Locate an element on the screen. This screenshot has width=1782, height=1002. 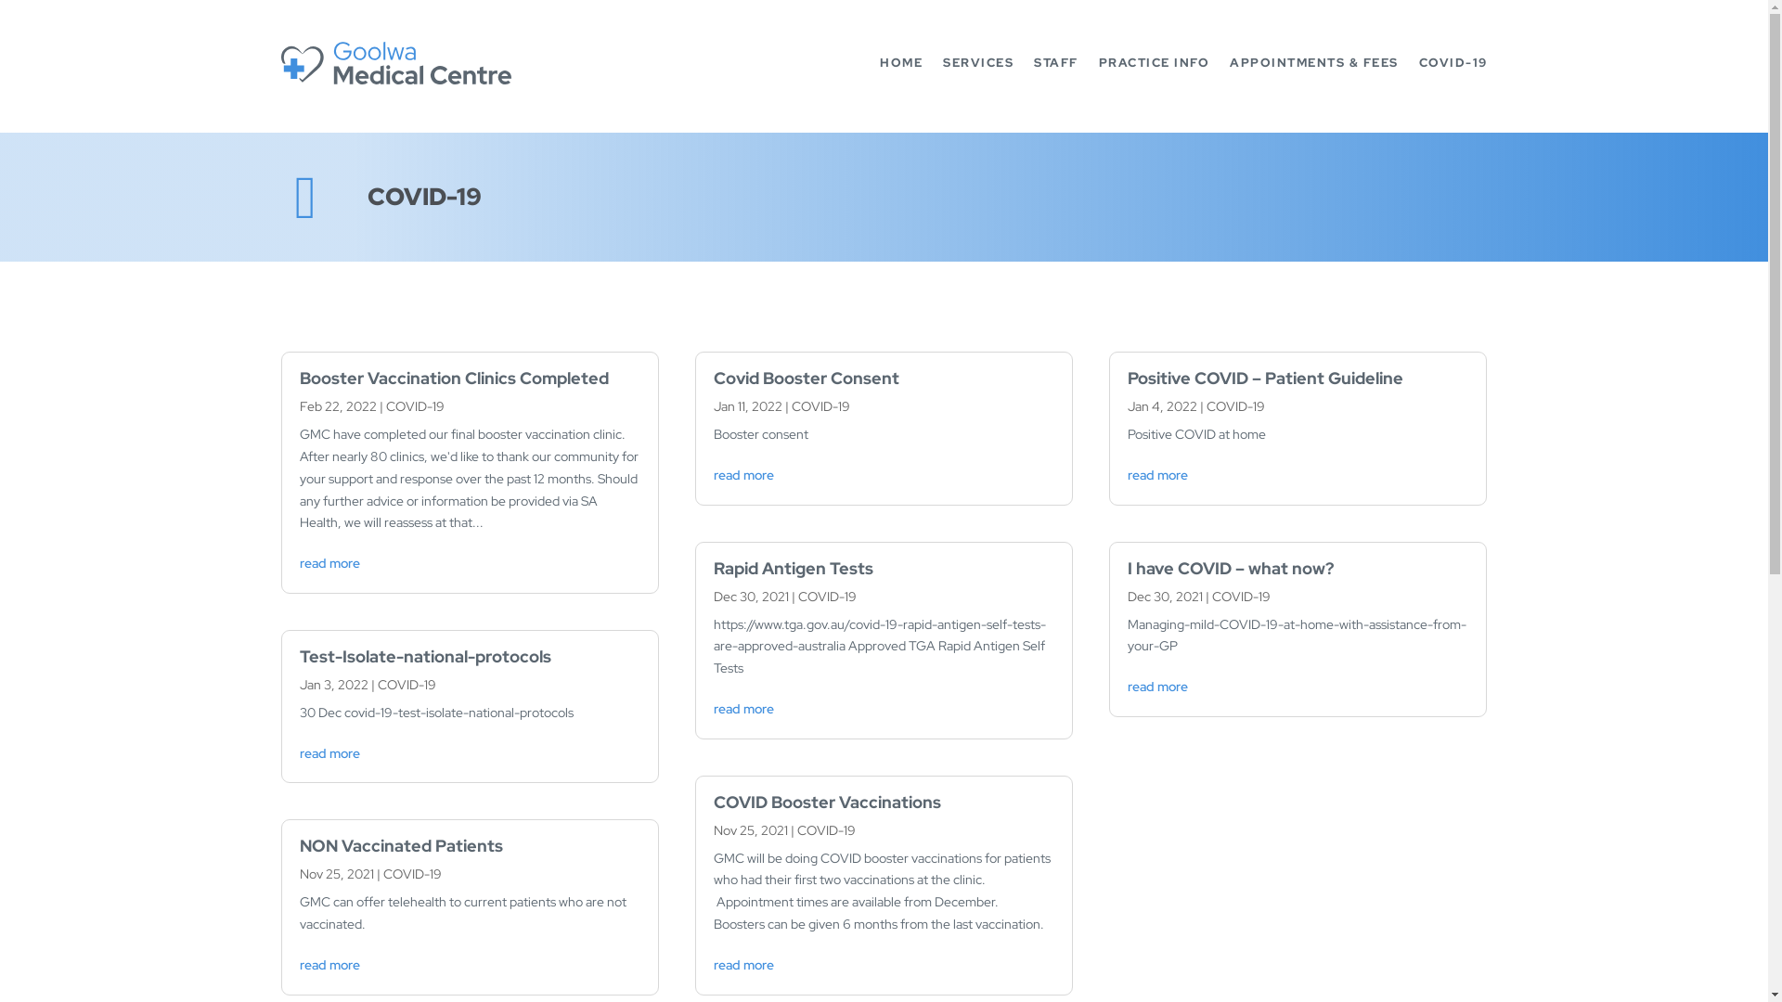
'read more' is located at coordinates (329, 561).